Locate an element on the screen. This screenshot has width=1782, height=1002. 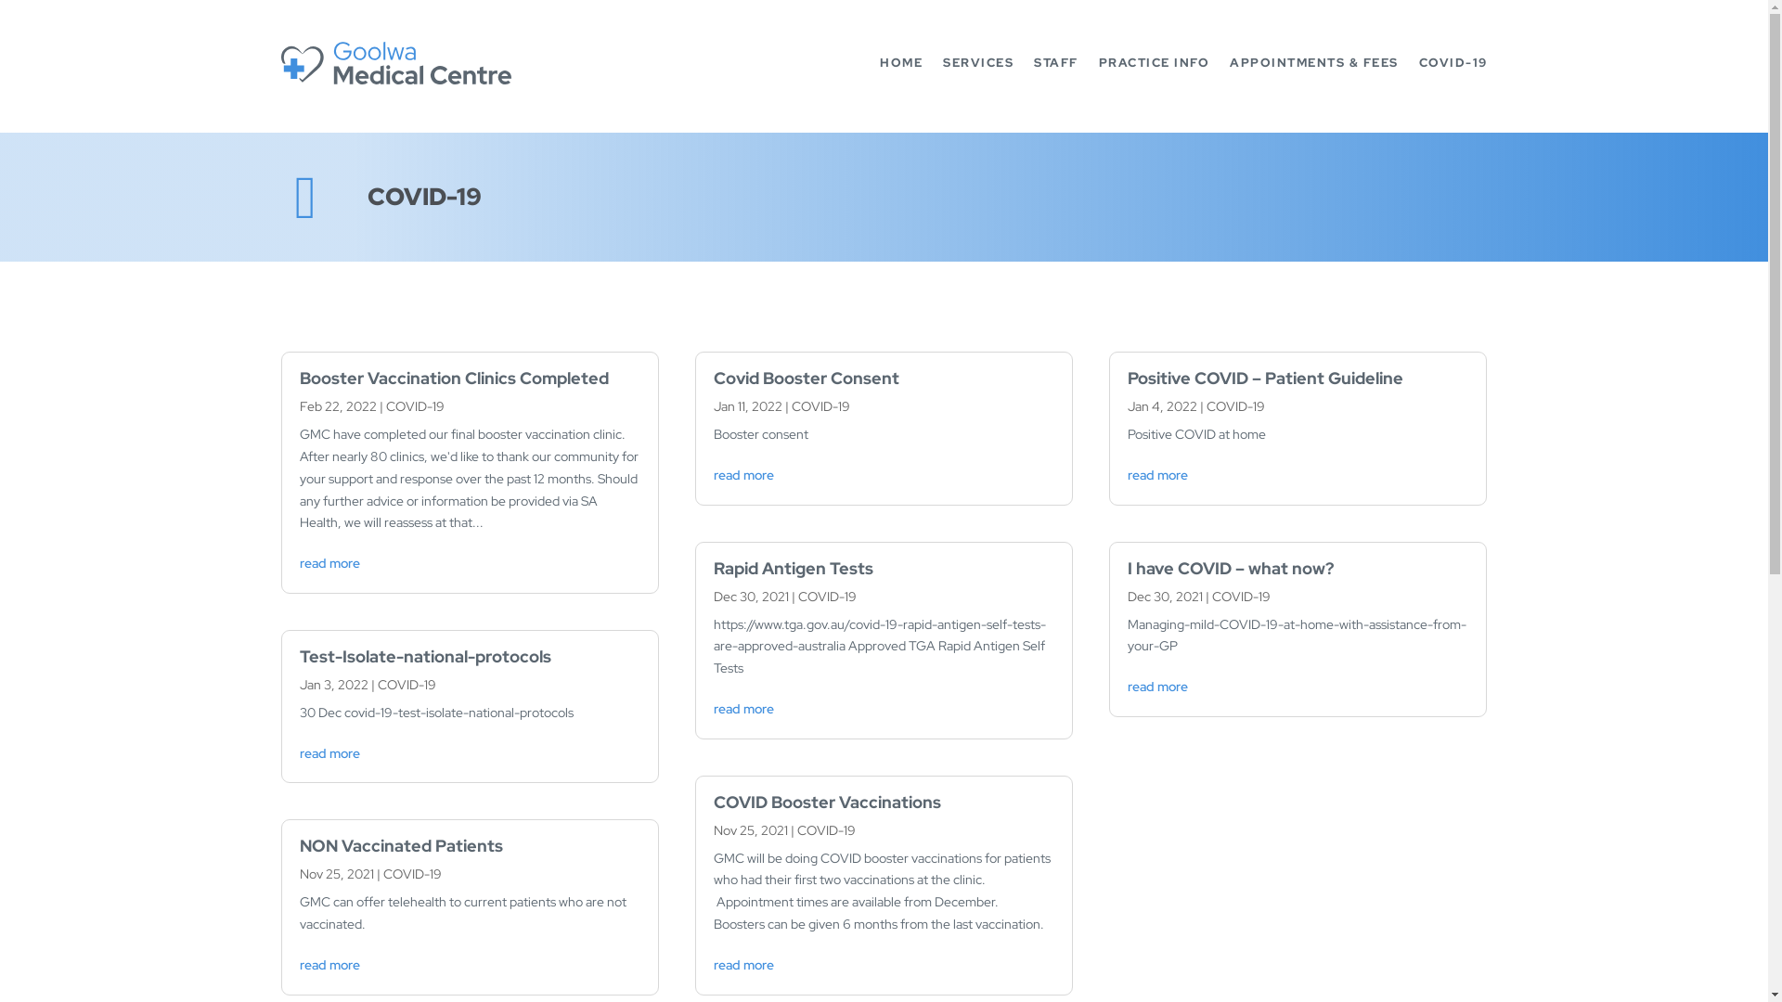
'read more' is located at coordinates (329, 561).